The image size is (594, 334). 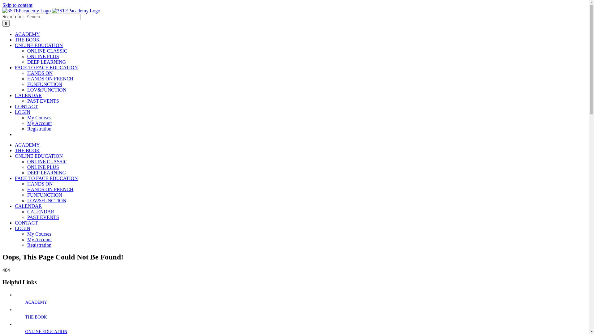 What do you see at coordinates (28, 95) in the screenshot?
I see `'CALENDAR'` at bounding box center [28, 95].